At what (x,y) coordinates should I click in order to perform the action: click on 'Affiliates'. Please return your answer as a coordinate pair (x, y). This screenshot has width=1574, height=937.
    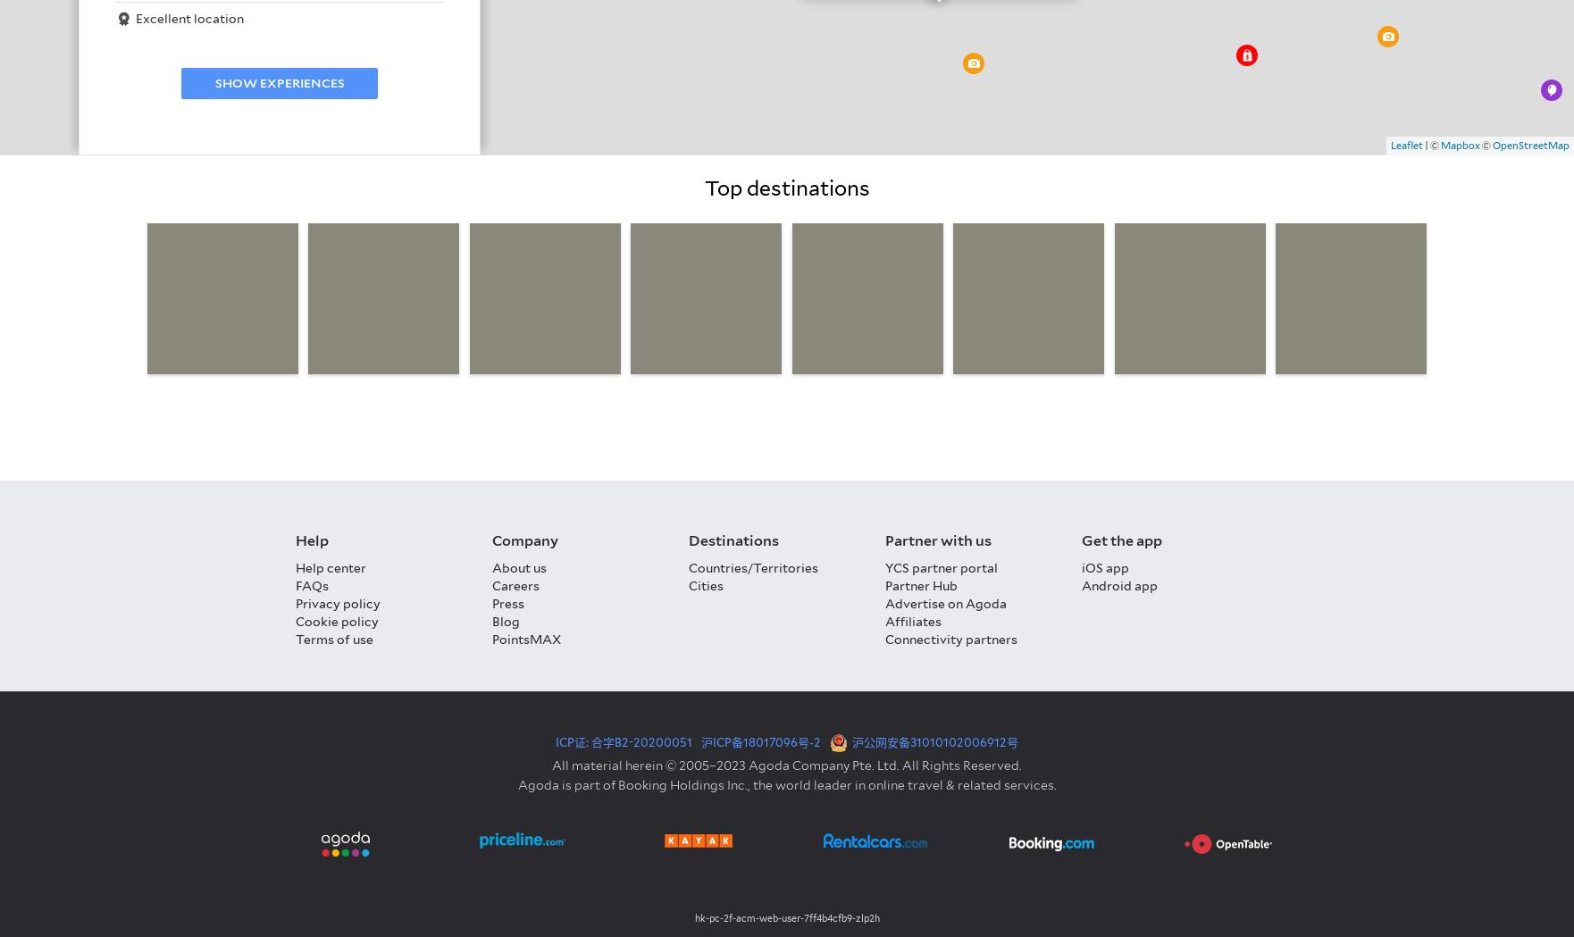
    Looking at the image, I should click on (913, 622).